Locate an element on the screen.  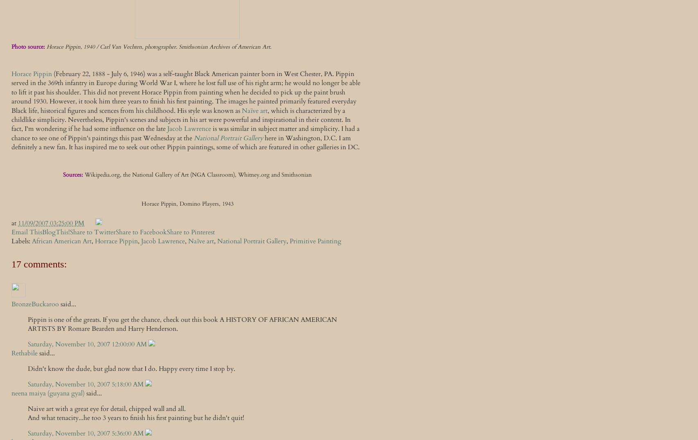
'Rethabile' is located at coordinates (25, 353).